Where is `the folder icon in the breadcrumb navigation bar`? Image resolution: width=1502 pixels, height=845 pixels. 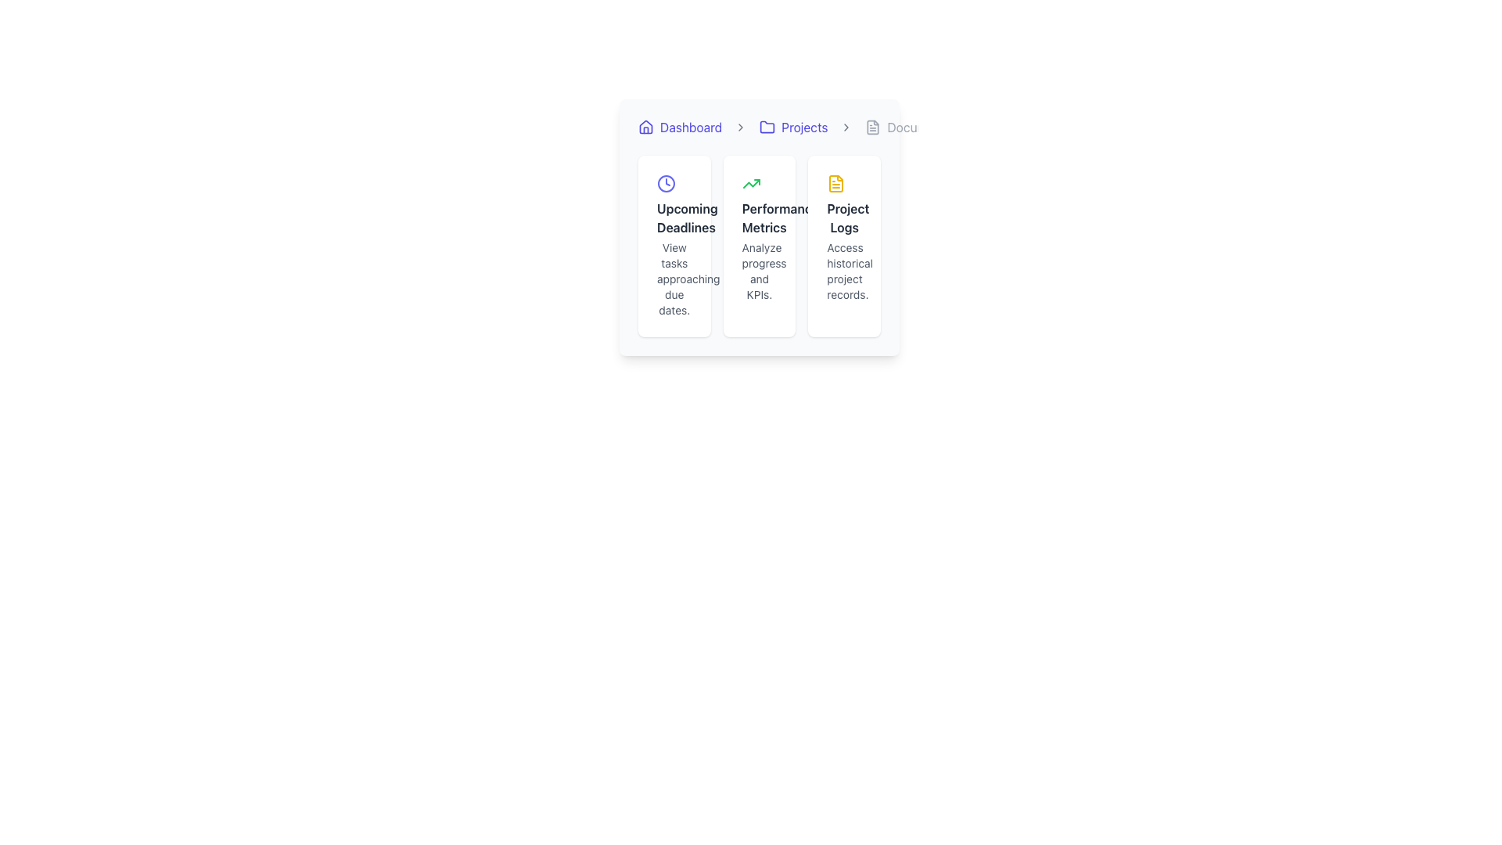
the folder icon in the breadcrumb navigation bar is located at coordinates (767, 126).